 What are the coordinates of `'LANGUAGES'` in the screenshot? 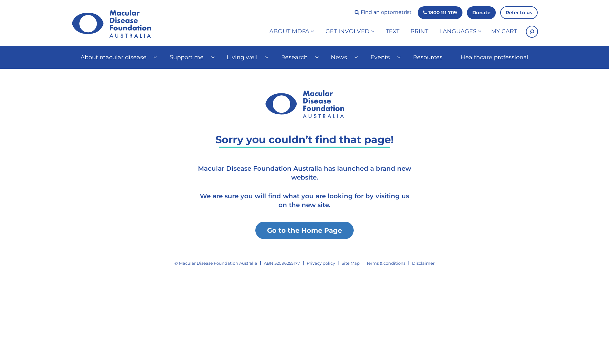 It's located at (434, 32).